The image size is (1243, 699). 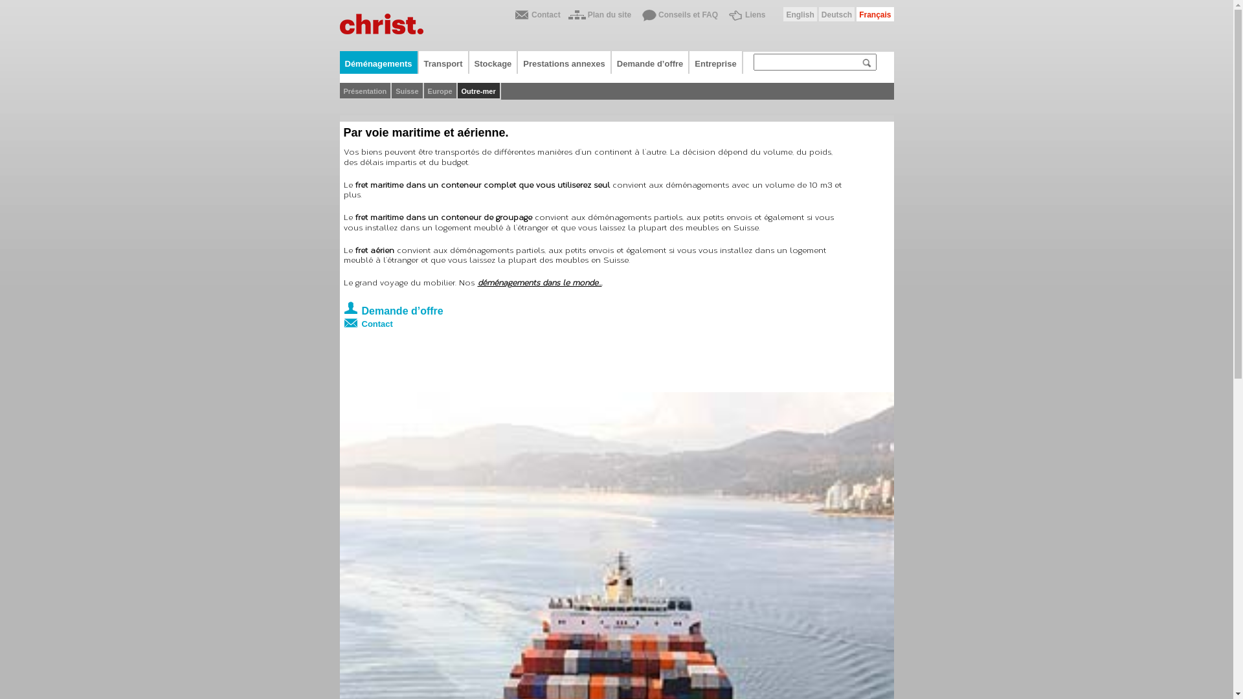 I want to click on 'Entreprise', so click(x=715, y=62).